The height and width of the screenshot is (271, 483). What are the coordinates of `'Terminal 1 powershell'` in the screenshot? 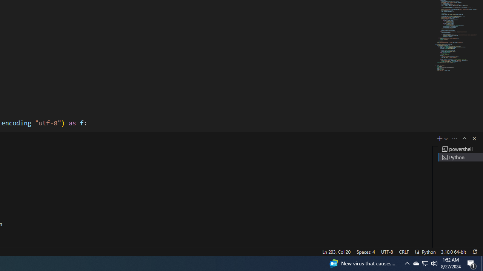 It's located at (460, 149).